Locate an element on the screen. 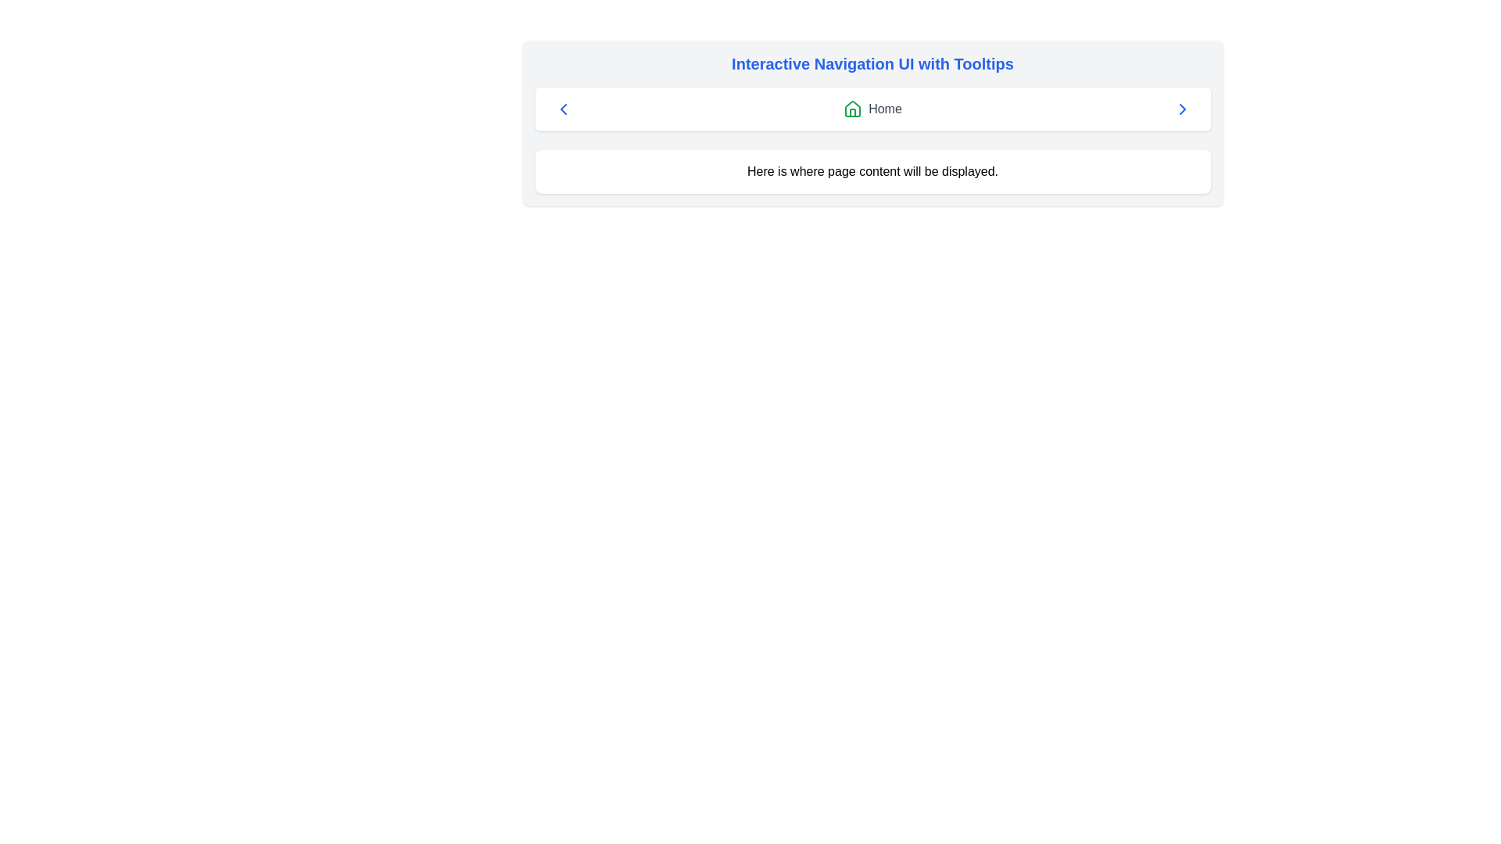 Image resolution: width=1501 pixels, height=844 pixels. the 'Home' button on the horizontal navigation bar is located at coordinates (872, 108).